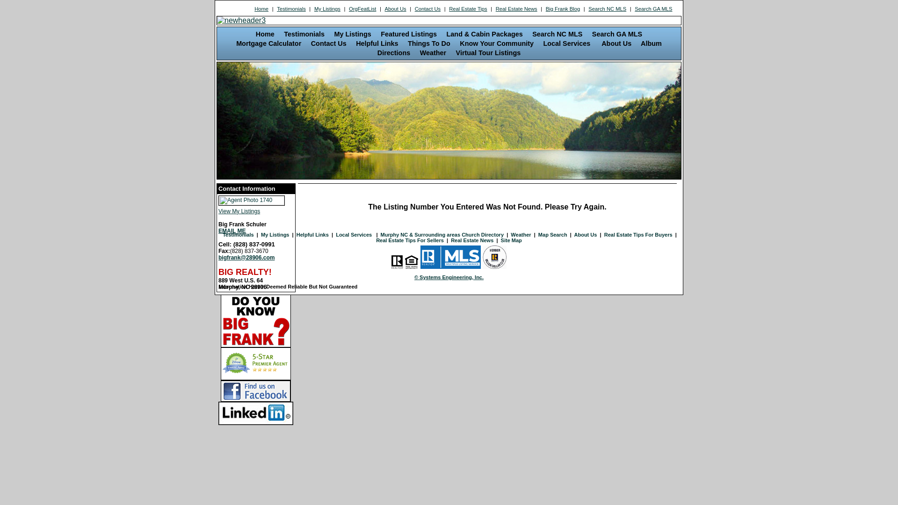  What do you see at coordinates (410, 239) in the screenshot?
I see `'Real Estate Tips For Sellers'` at bounding box center [410, 239].